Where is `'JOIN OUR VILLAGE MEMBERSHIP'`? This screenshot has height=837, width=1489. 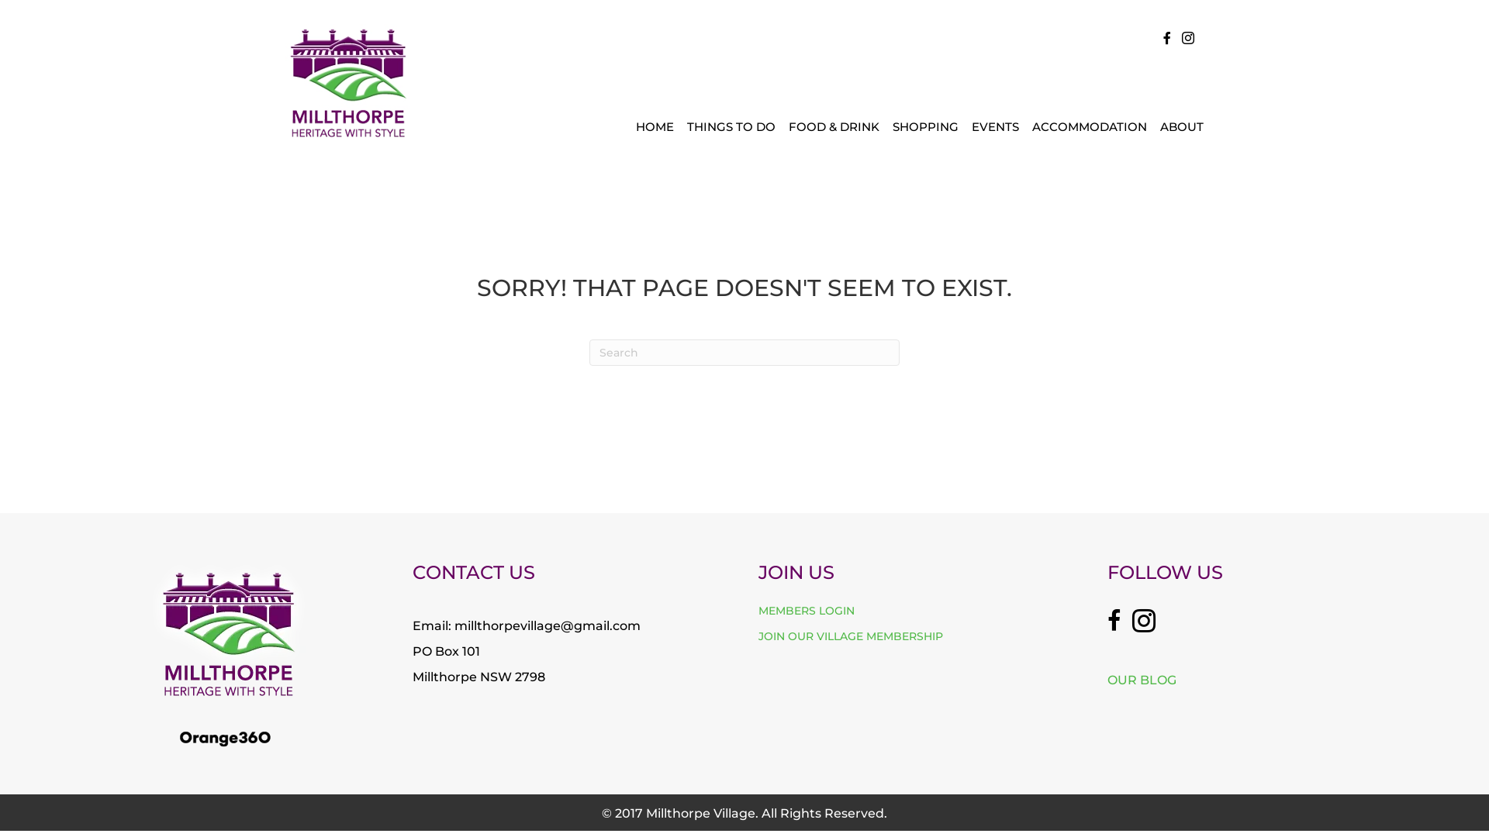
'JOIN OUR VILLAGE MEMBERSHIP' is located at coordinates (850, 636).